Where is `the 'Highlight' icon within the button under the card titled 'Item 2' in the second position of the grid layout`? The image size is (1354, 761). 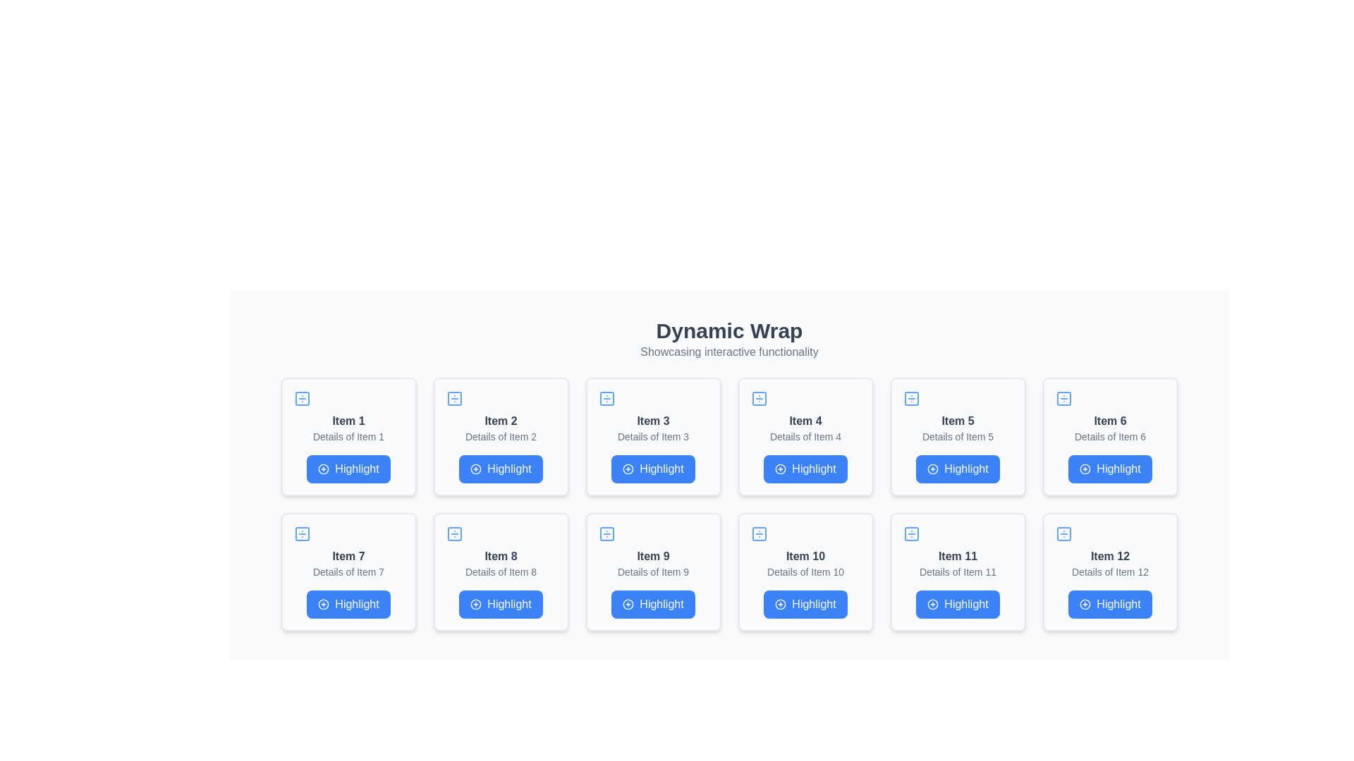 the 'Highlight' icon within the button under the card titled 'Item 2' in the second position of the grid layout is located at coordinates (476, 469).